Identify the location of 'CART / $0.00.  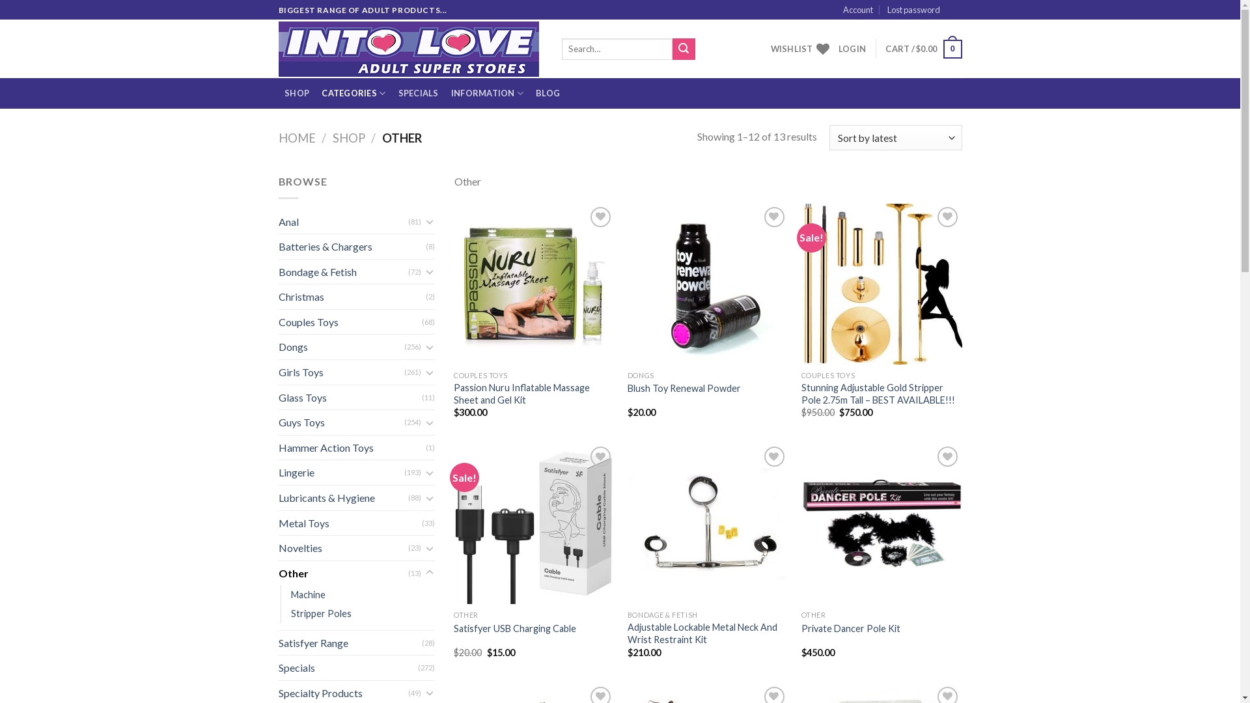
(923, 49).